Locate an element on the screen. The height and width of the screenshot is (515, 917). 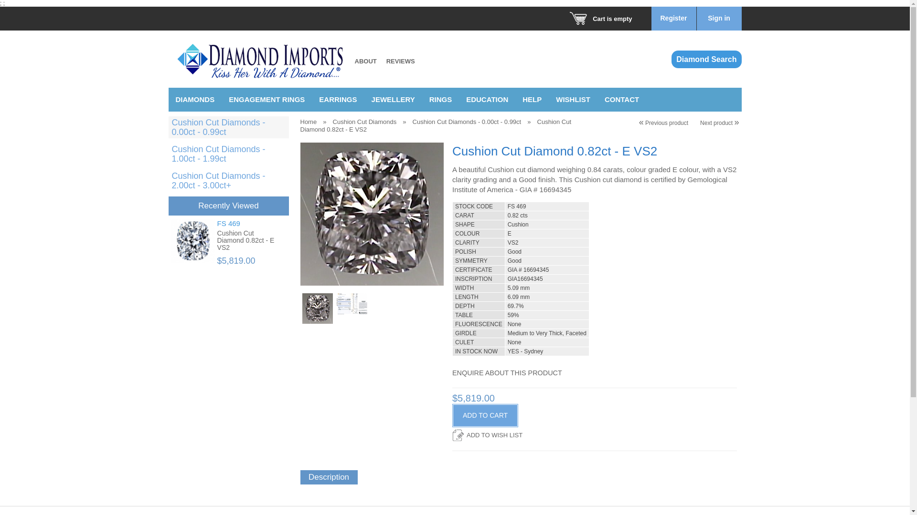
'DIAMONDS' is located at coordinates (168, 99).